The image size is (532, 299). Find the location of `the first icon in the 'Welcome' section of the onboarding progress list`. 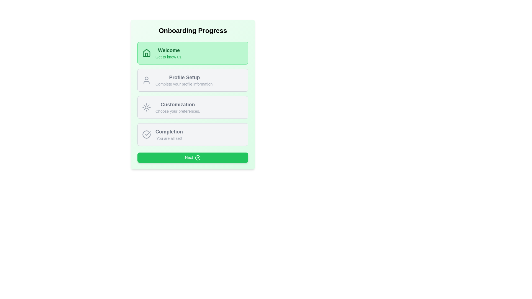

the first icon in the 'Welcome' section of the onboarding progress list is located at coordinates (146, 53).